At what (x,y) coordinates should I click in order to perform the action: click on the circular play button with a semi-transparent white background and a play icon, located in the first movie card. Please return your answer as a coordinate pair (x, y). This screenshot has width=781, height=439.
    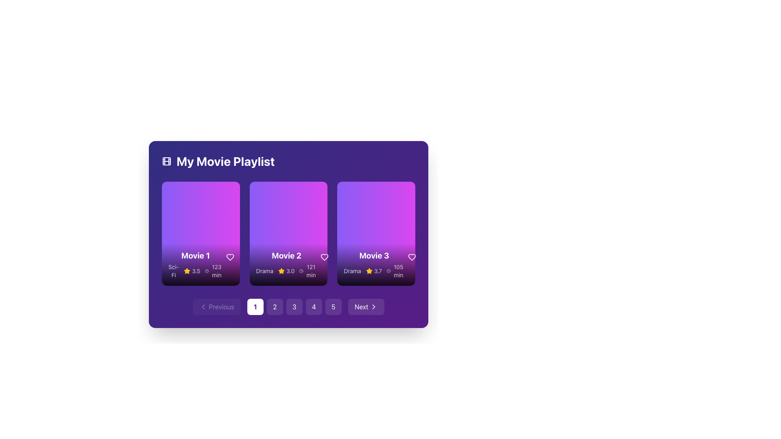
    Looking at the image, I should click on (201, 233).